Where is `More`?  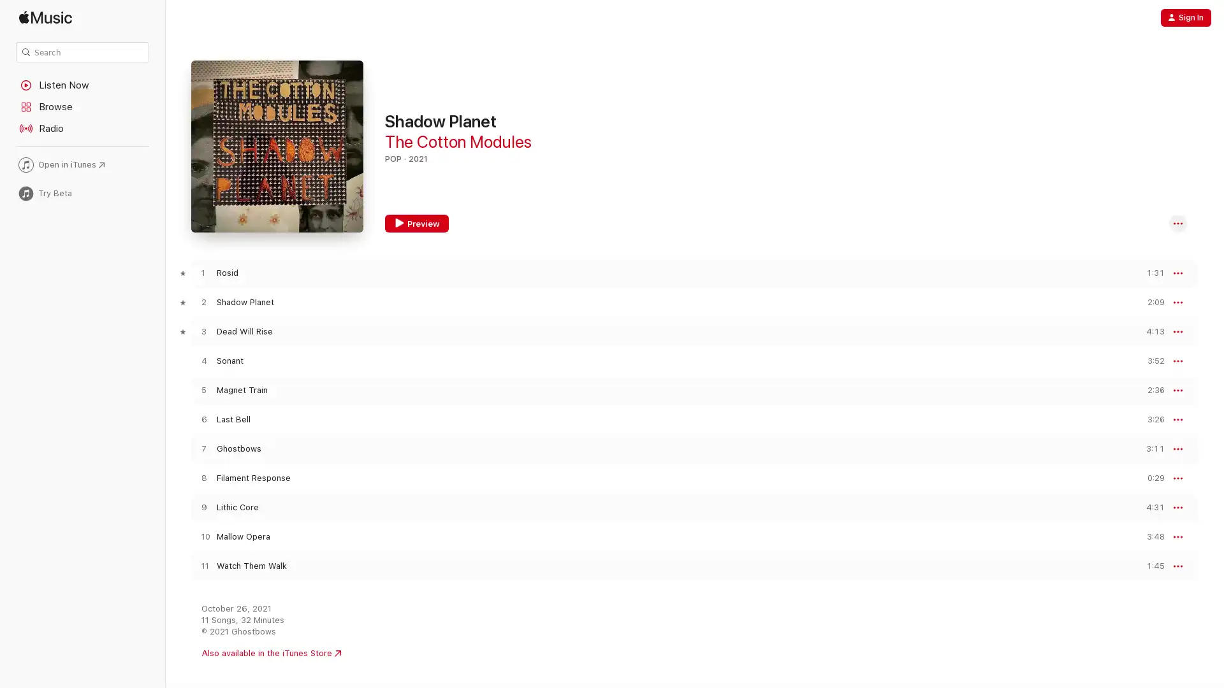 More is located at coordinates (1177, 420).